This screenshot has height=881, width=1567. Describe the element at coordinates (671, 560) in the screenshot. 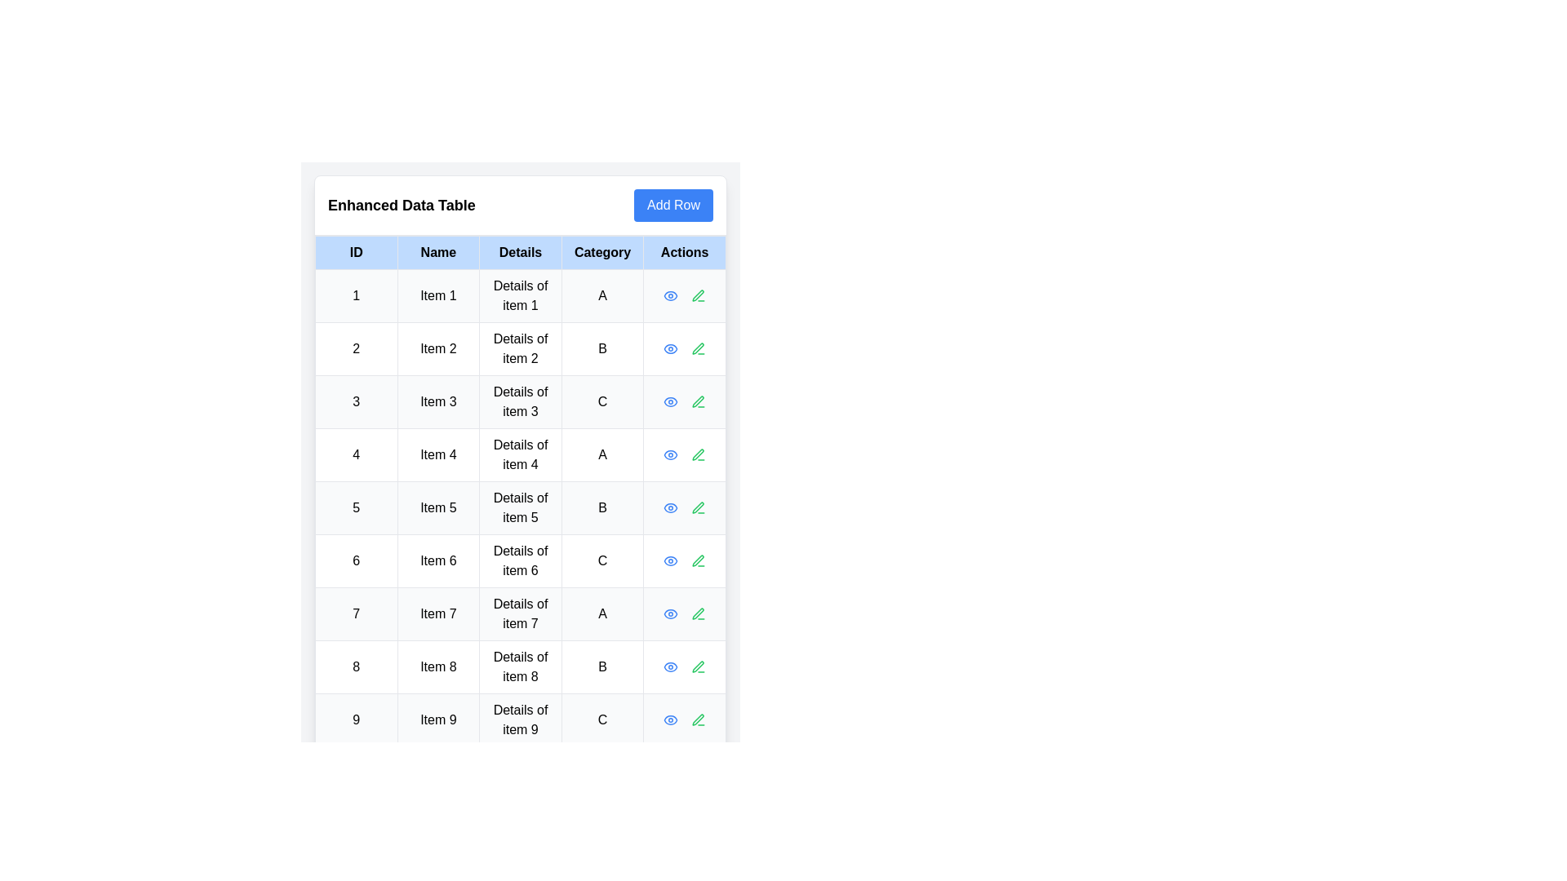

I see `the blue eye-shaped icon located in the 'Actions' column of the table for 'Item 6'` at that location.